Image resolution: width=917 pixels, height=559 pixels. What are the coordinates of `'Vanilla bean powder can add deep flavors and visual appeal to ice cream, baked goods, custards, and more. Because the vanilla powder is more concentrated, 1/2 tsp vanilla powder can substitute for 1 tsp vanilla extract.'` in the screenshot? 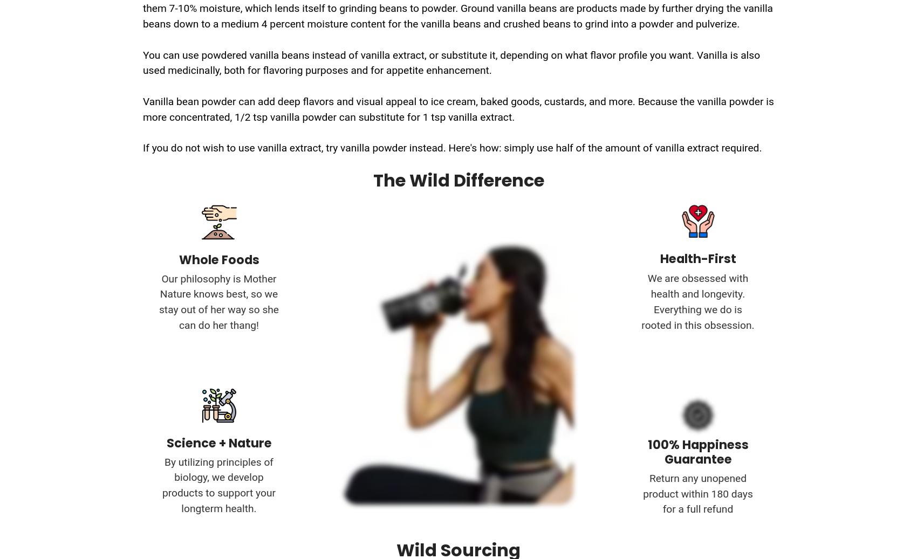 It's located at (457, 108).